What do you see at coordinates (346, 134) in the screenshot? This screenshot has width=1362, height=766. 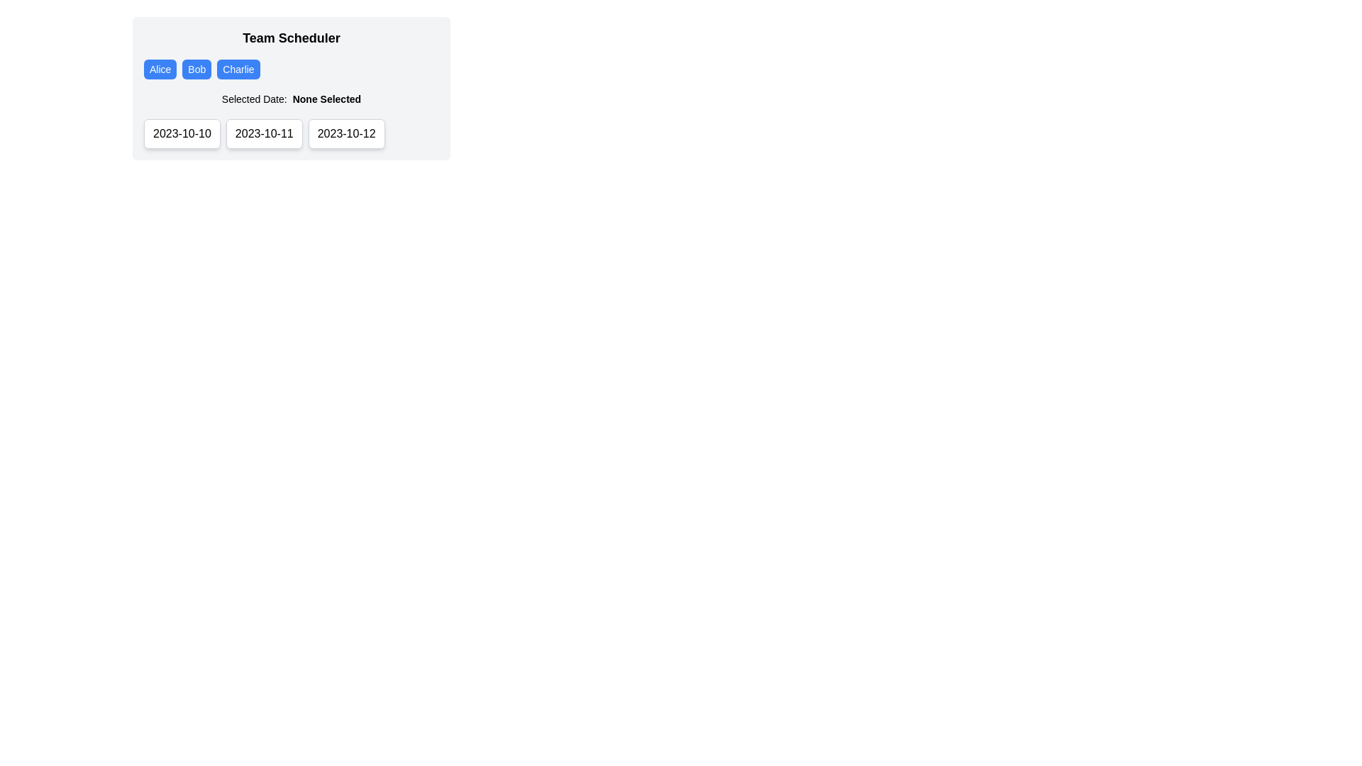 I see `the button displaying '2023-10-12'` at bounding box center [346, 134].